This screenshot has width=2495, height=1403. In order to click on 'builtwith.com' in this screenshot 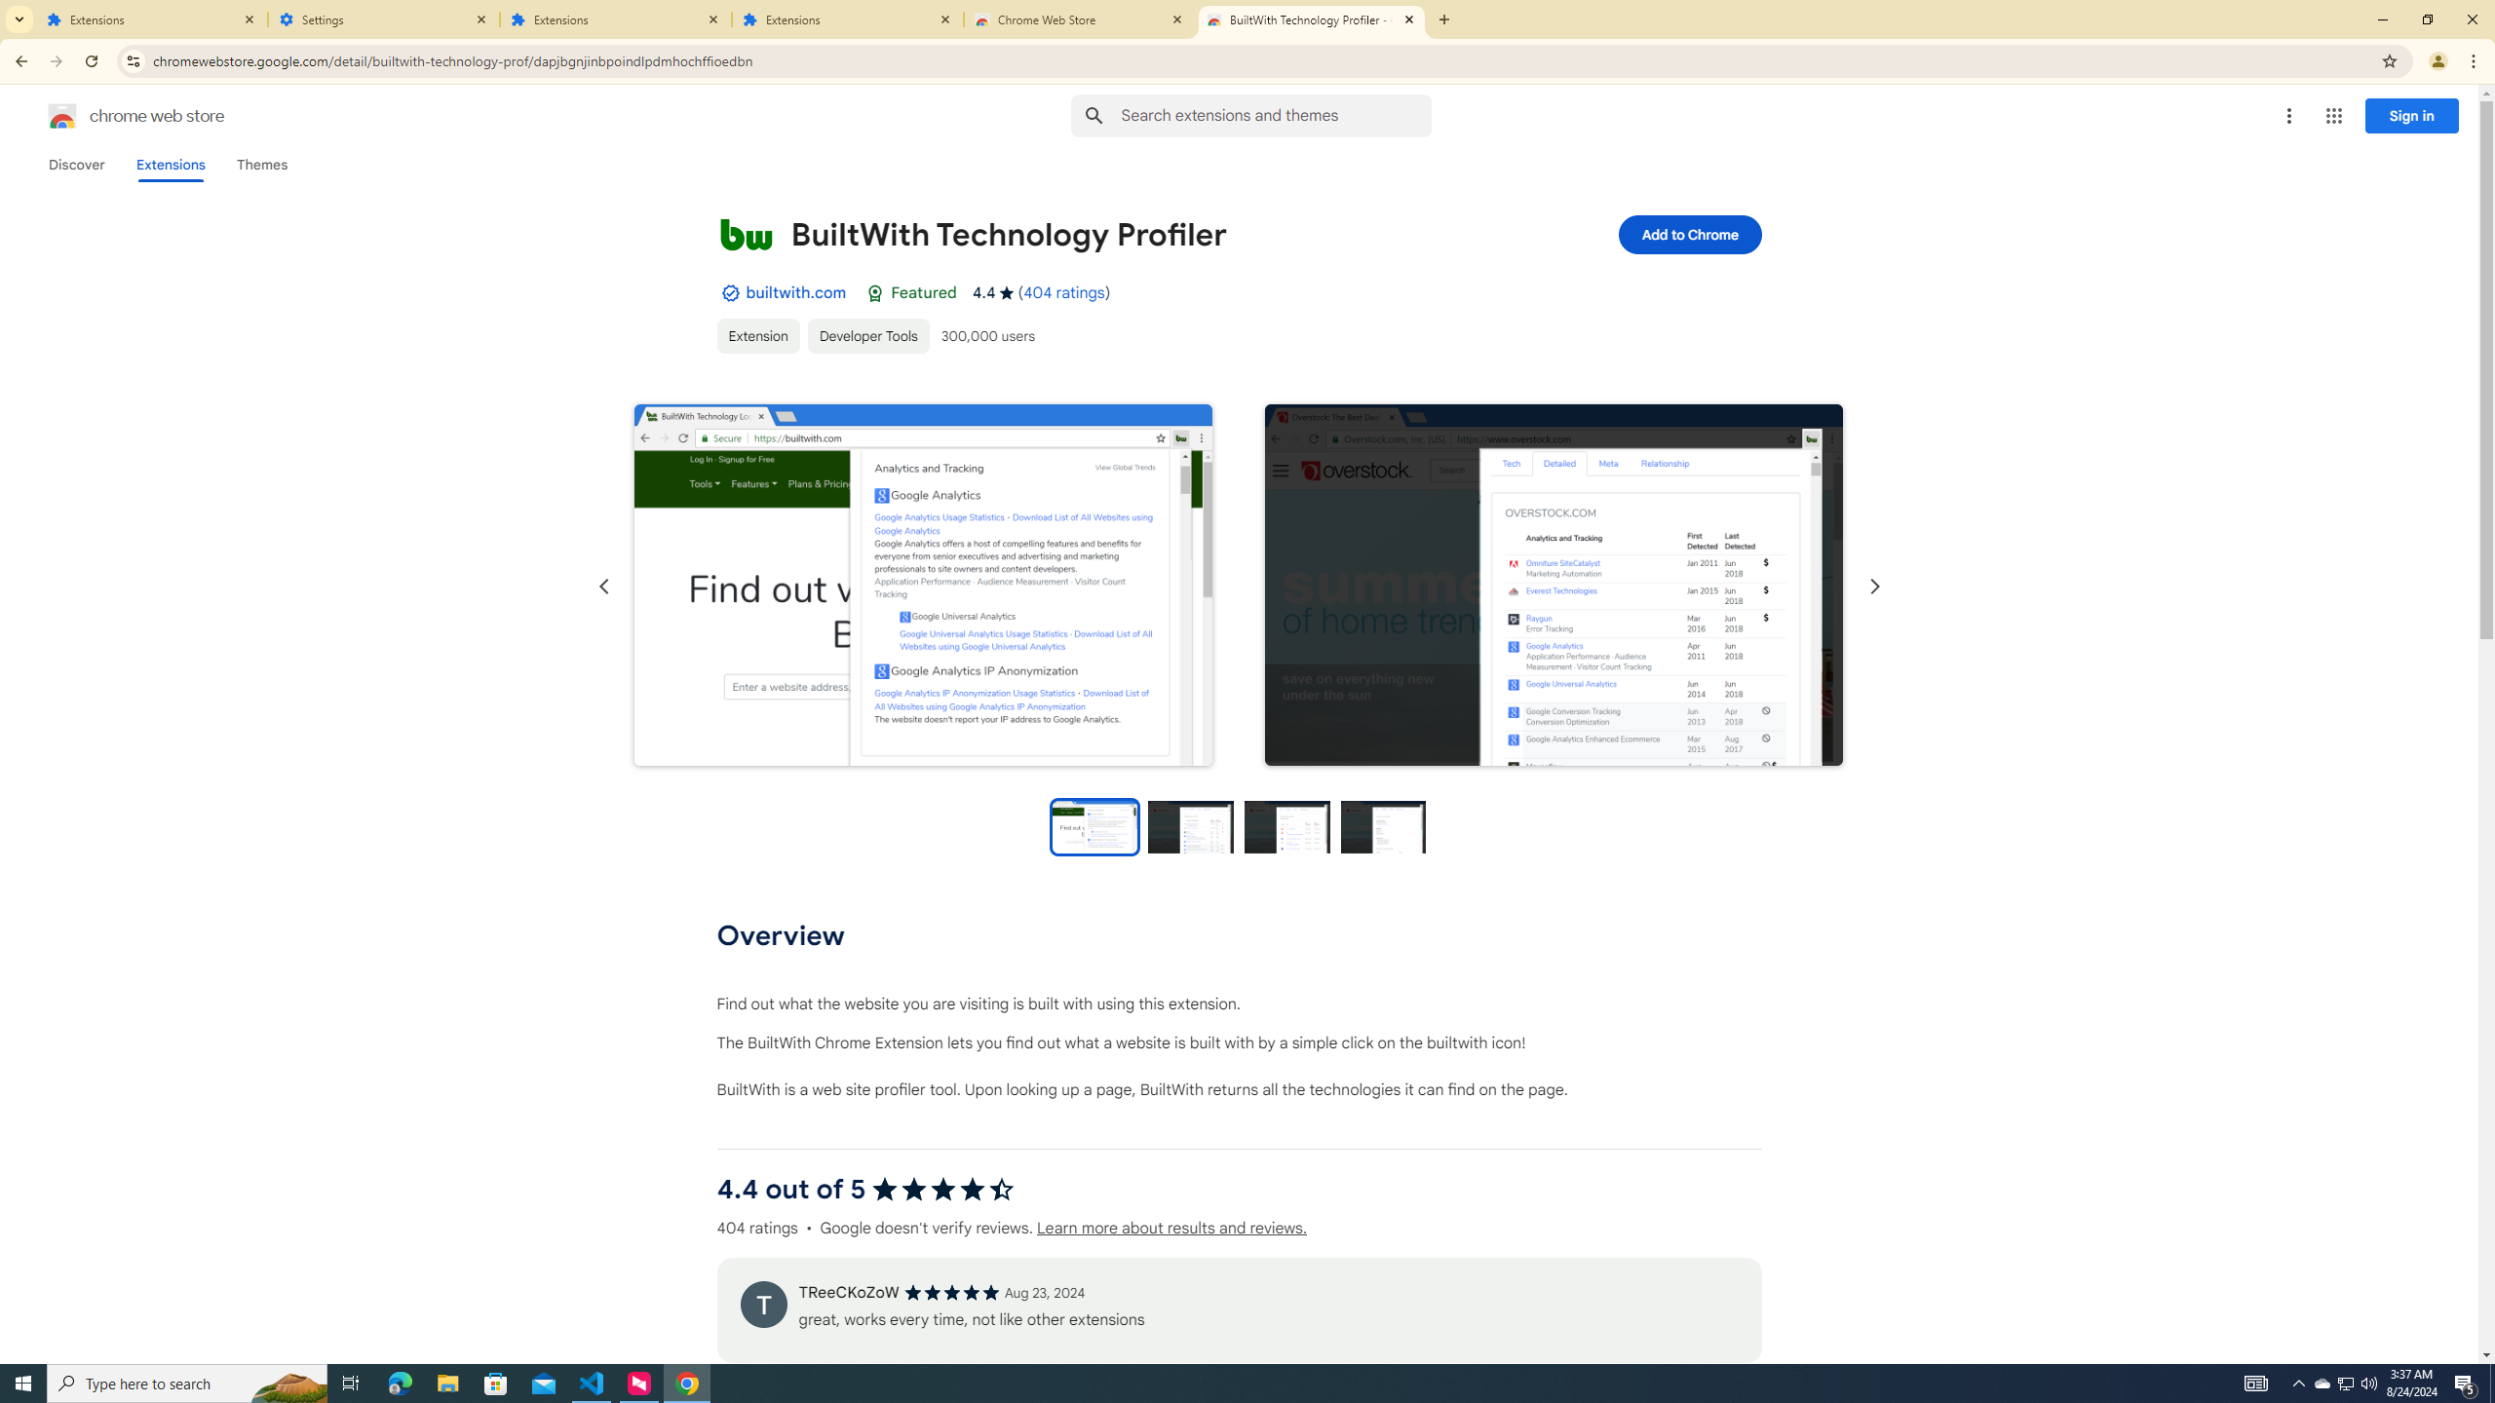, I will do `click(794, 291)`.